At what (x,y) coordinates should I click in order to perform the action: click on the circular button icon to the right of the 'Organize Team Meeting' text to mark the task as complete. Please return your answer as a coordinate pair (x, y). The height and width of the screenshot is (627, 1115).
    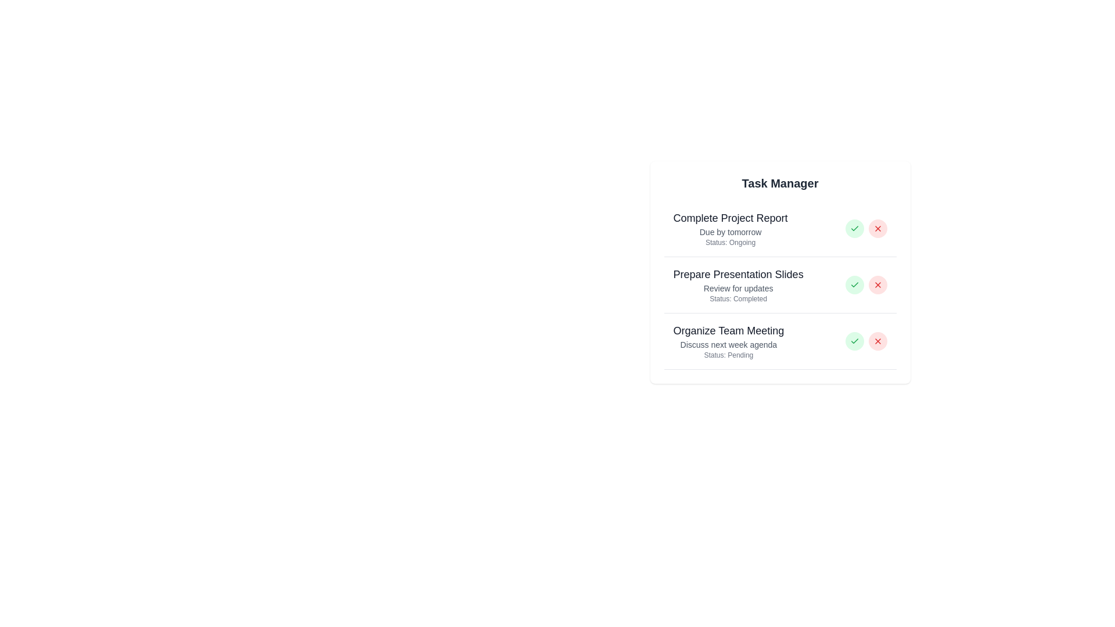
    Looking at the image, I should click on (854, 284).